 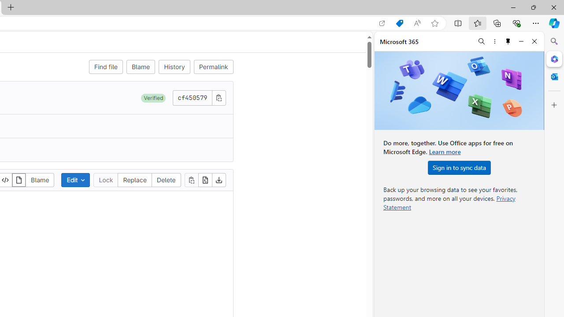 I want to click on 'Delete', so click(x=166, y=179).